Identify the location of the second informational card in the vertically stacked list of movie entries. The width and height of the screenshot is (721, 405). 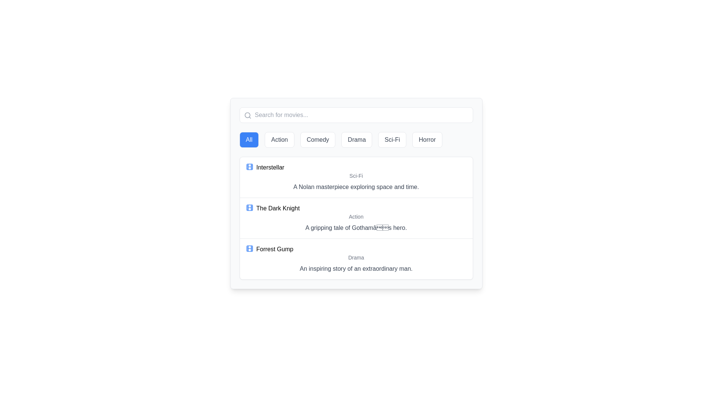
(356, 218).